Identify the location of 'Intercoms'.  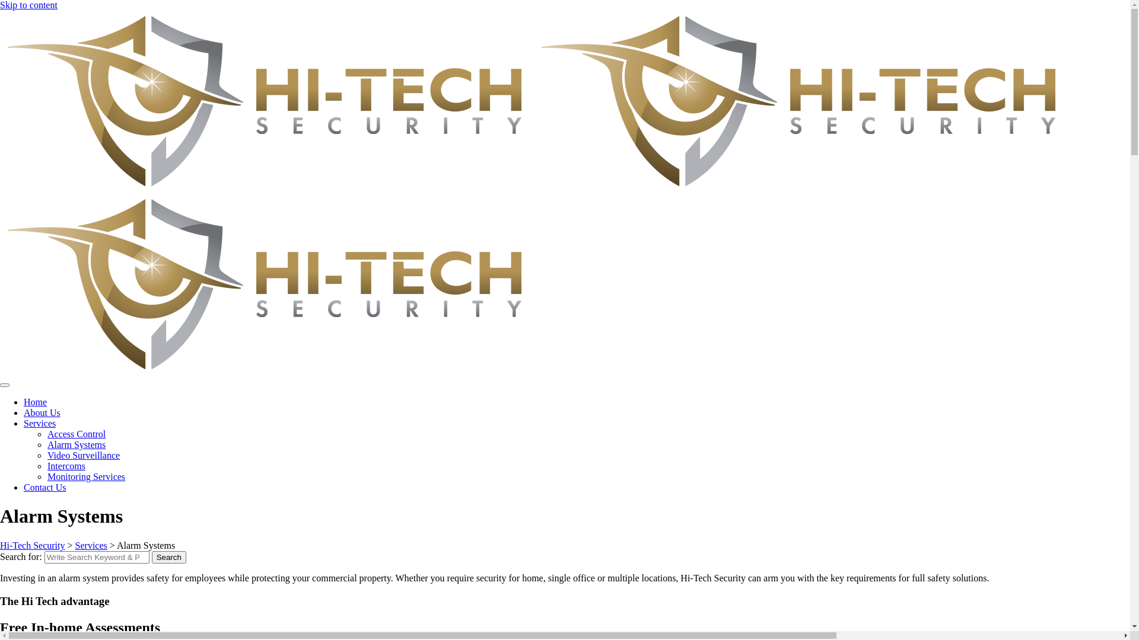
(65, 465).